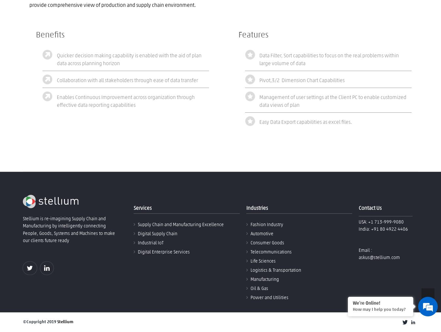  I want to click on 'Industries', so click(256, 208).